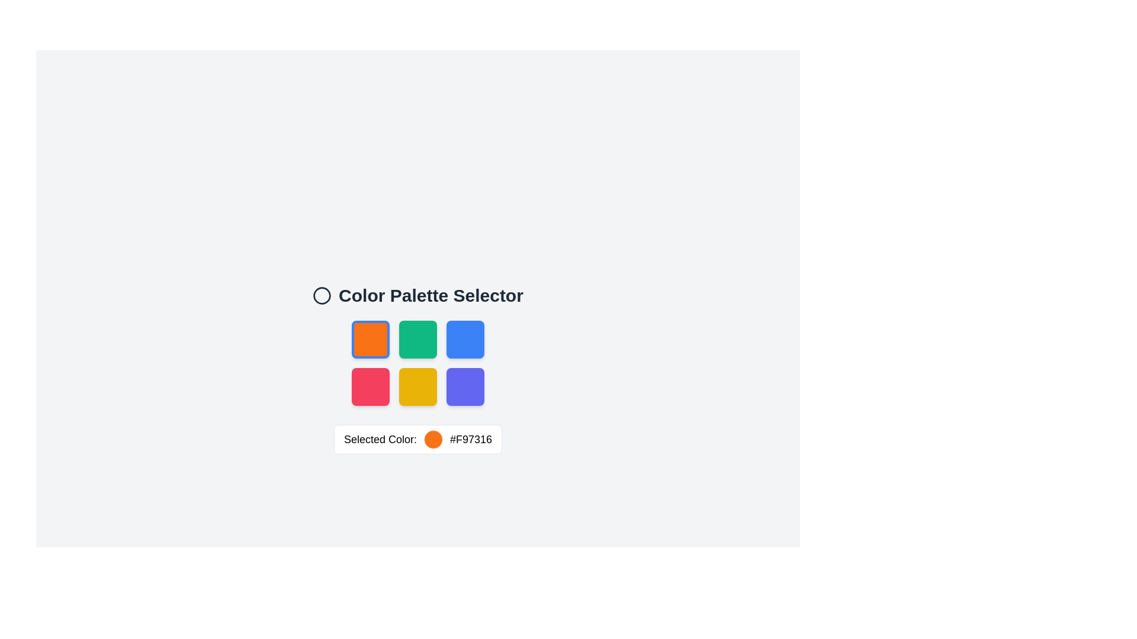 This screenshot has height=639, width=1137. I want to click on the sixth button in a grid of six, which is square-shaped with rounded corners and has a blue background color, so click(465, 387).